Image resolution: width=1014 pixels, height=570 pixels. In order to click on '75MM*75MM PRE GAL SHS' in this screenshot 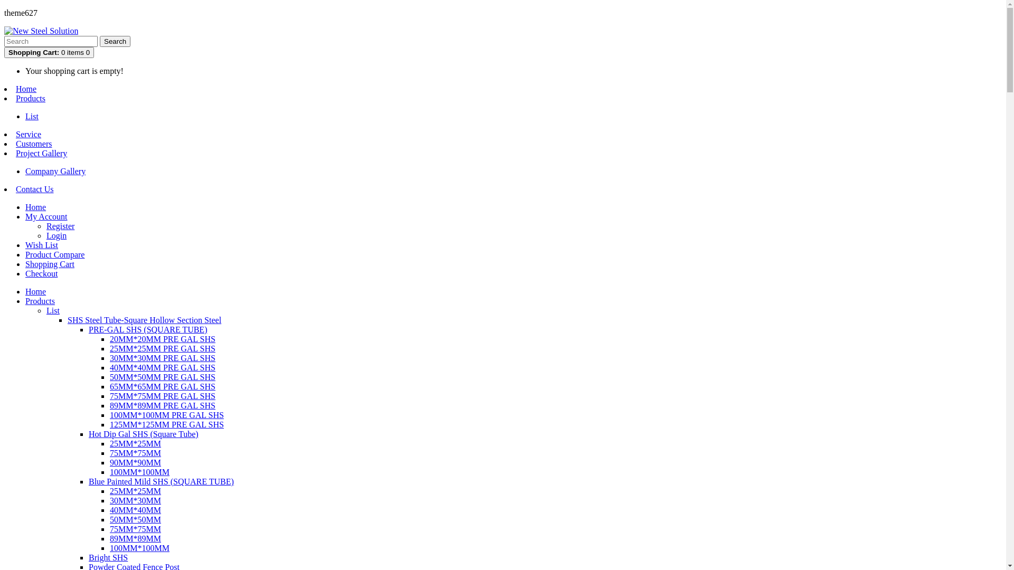, I will do `click(162, 396)`.